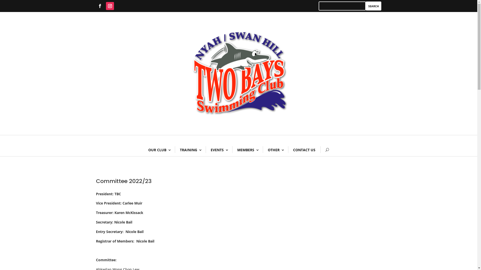 This screenshot has width=481, height=270. Describe the element at coordinates (219, 149) in the screenshot. I see `'EVENTS'` at that location.